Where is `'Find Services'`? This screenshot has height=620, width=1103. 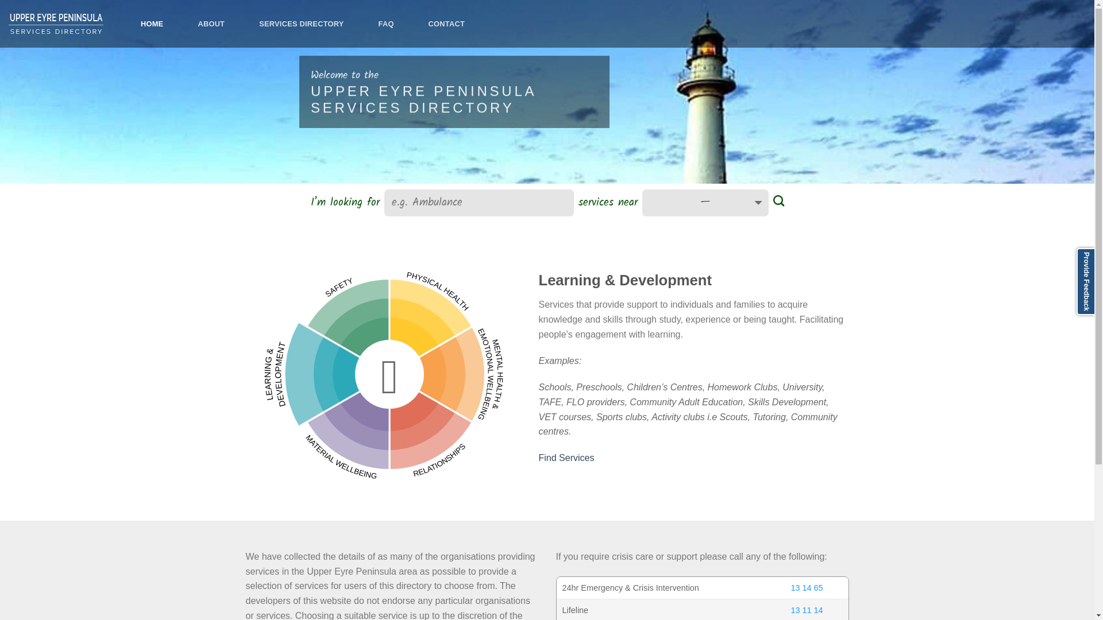 'Find Services' is located at coordinates (566, 457).